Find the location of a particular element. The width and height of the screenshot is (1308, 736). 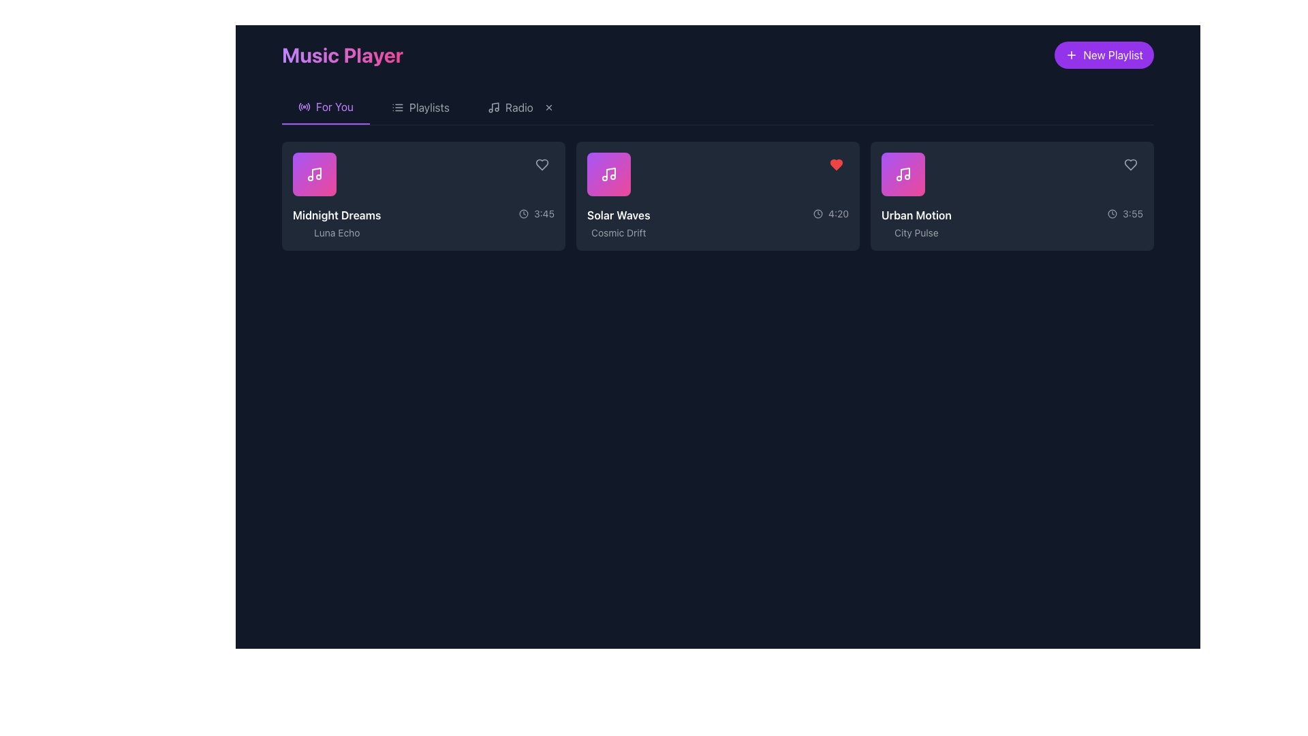

the text label displaying the duration '3:45', which is accompanied by a clock icon on its left, located on the bottom-right part of the 'Midnight Dreams' music item is located at coordinates (535, 213).